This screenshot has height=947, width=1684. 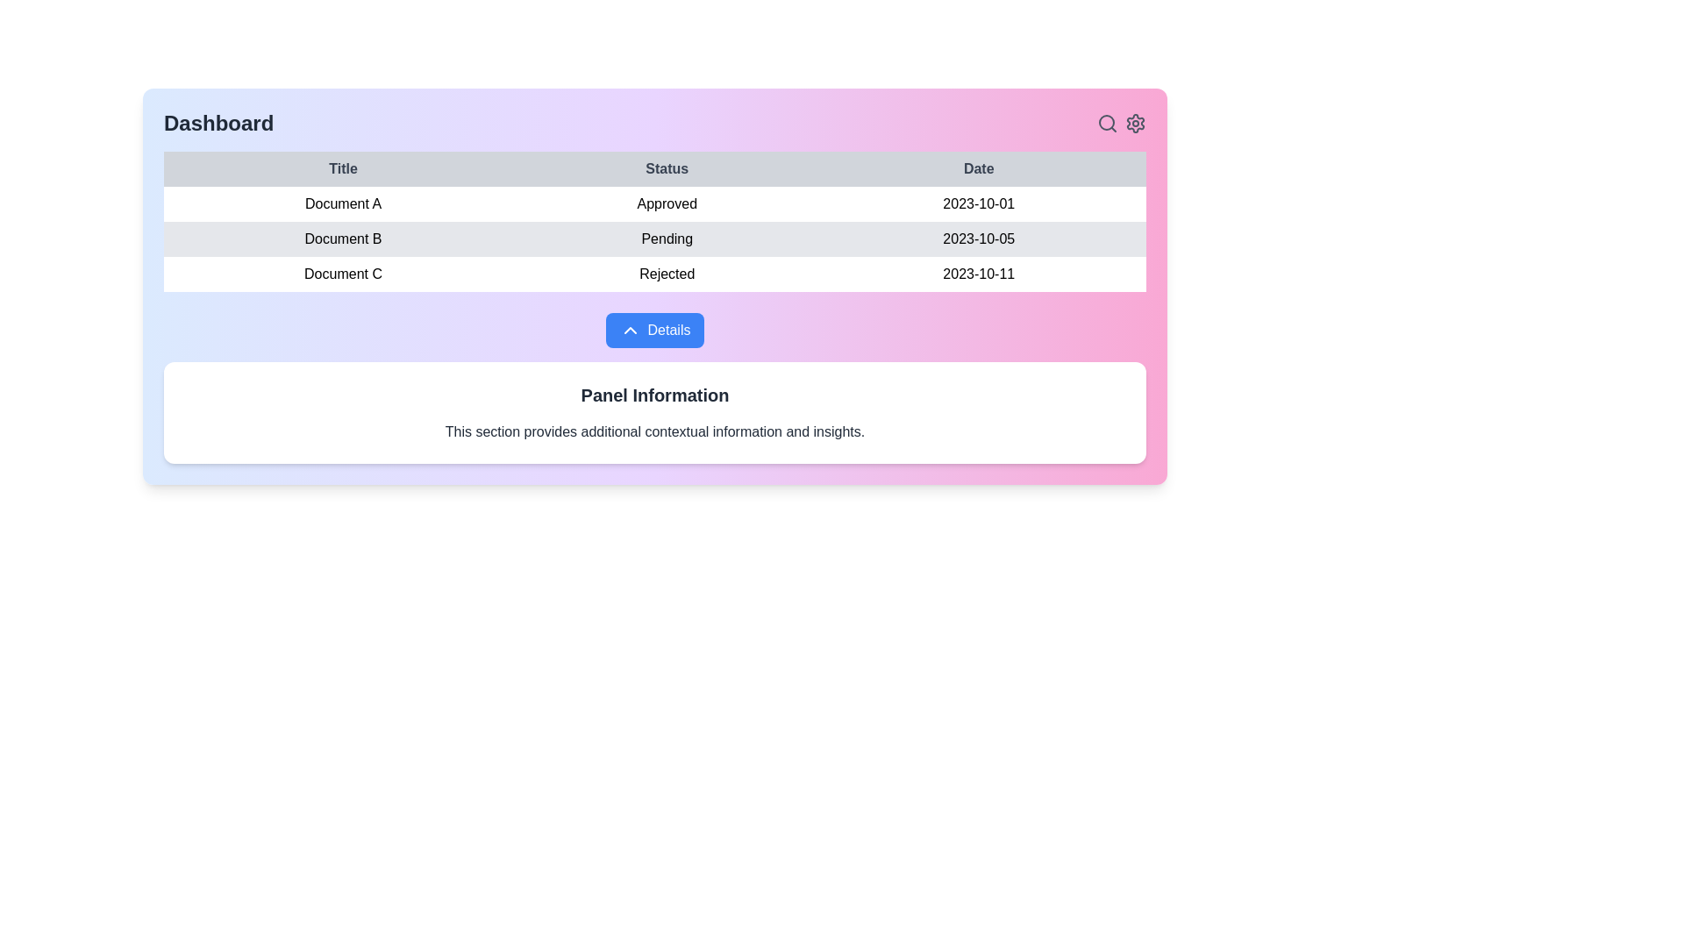 I want to click on the gear icon located at the top-right corner of the UI component, so click(x=1120, y=123).